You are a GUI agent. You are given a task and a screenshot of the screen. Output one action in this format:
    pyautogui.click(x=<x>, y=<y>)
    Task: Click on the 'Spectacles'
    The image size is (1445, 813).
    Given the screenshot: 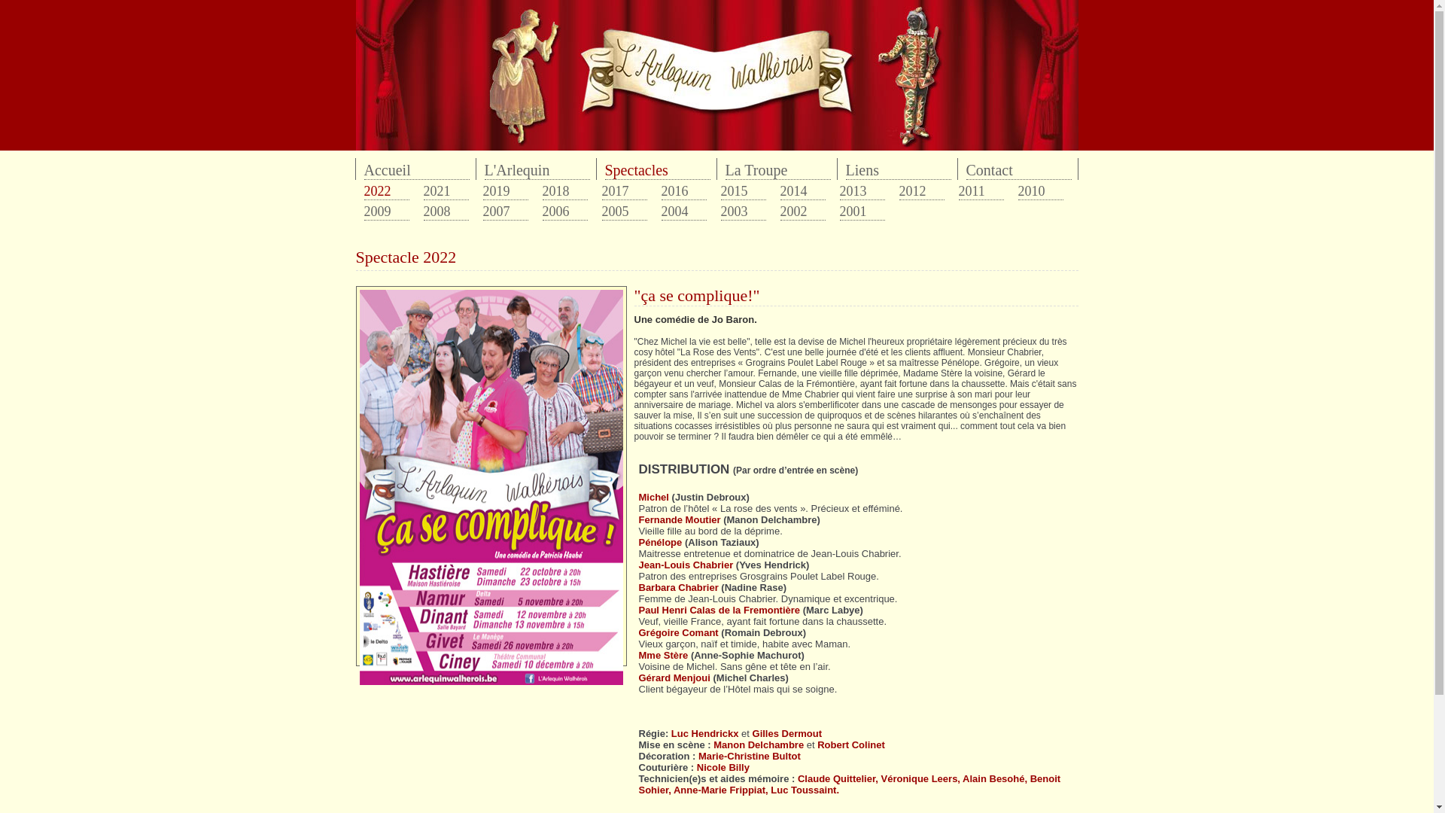 What is the action you would take?
    pyautogui.click(x=657, y=170)
    